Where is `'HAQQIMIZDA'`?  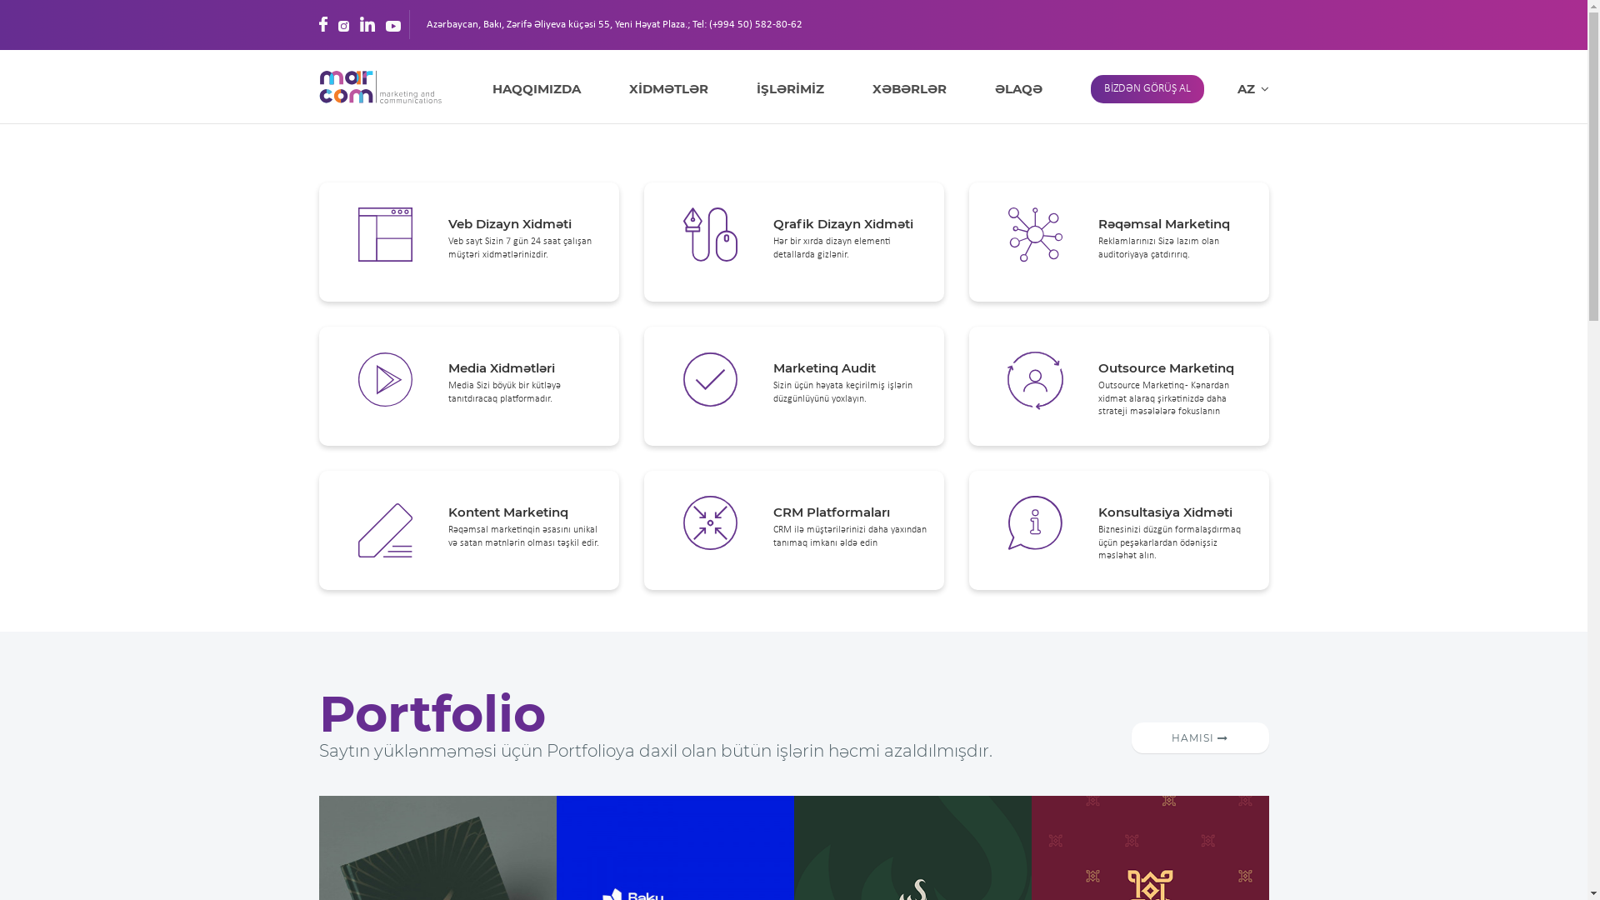
'HAQQIMIZDA' is located at coordinates (491, 89).